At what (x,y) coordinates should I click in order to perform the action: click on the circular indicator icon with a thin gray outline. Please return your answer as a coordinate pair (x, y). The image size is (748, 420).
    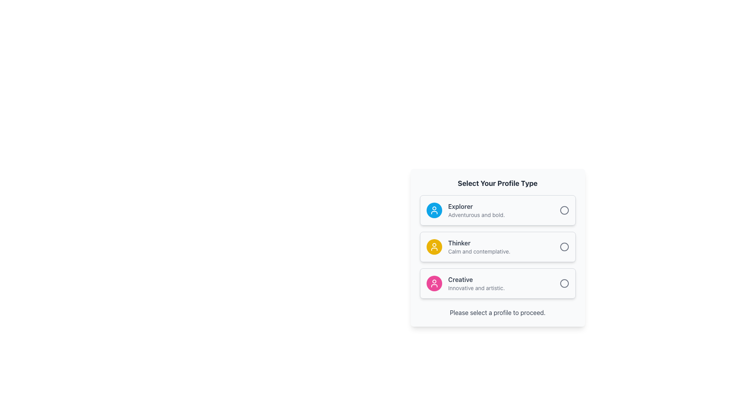
    Looking at the image, I should click on (564, 247).